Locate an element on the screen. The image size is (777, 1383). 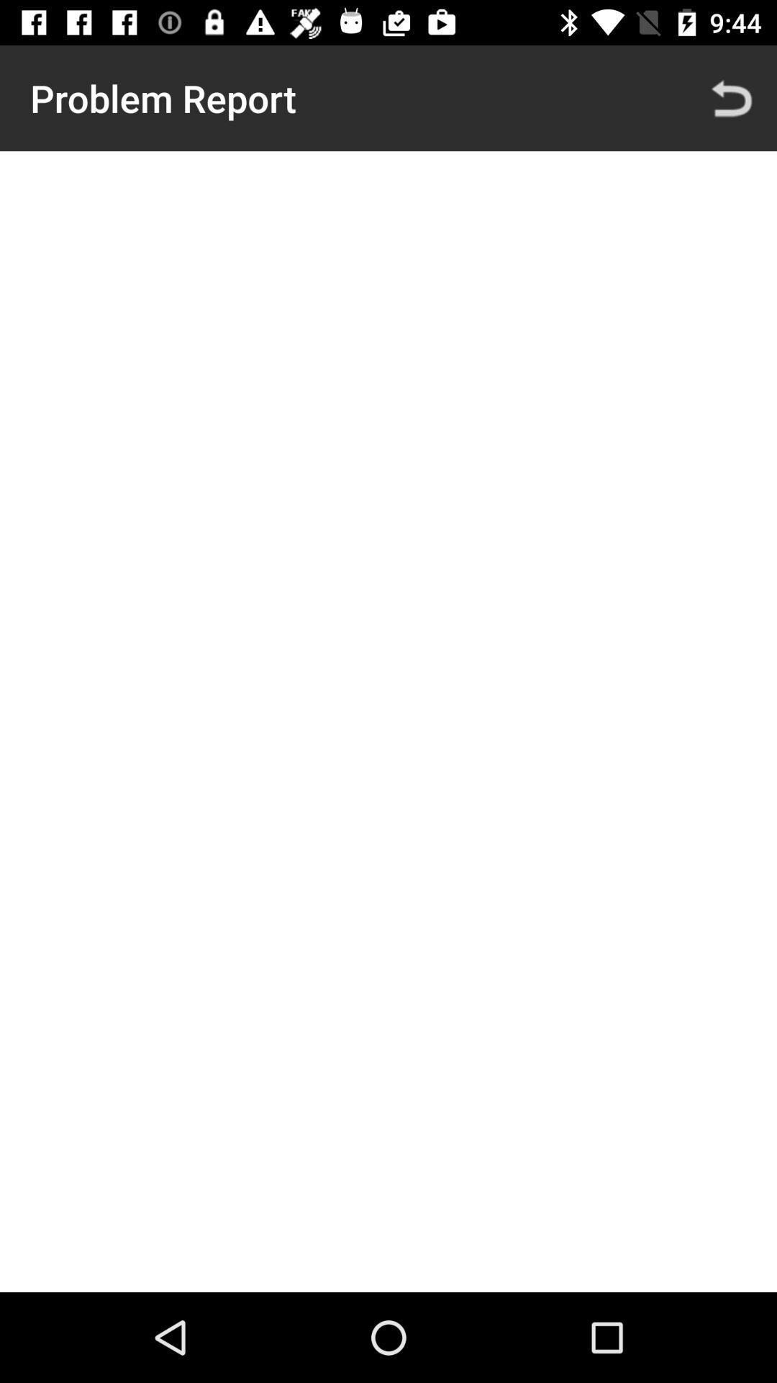
the item at the center is located at coordinates (388, 722).